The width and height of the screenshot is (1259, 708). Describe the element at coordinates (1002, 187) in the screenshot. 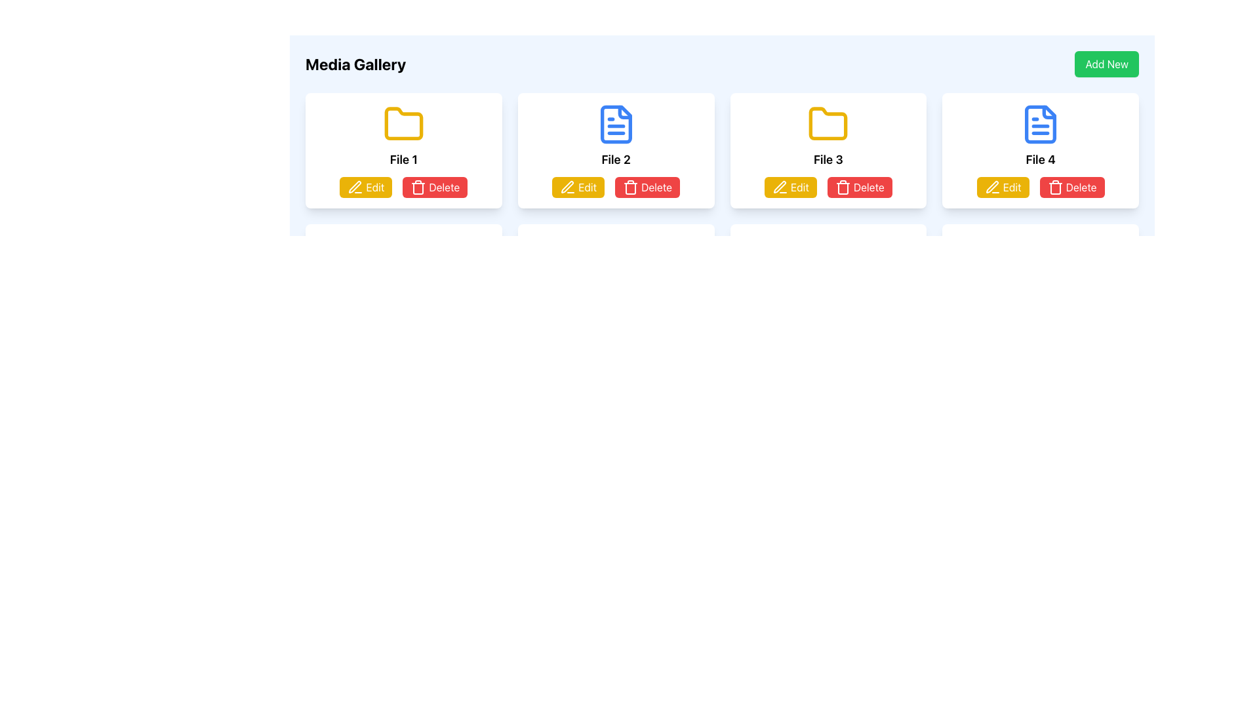

I see `the yellow 'Edit' button with rounded corners to trigger its hover effect, located in the action buttons row below 'File 4'` at that location.